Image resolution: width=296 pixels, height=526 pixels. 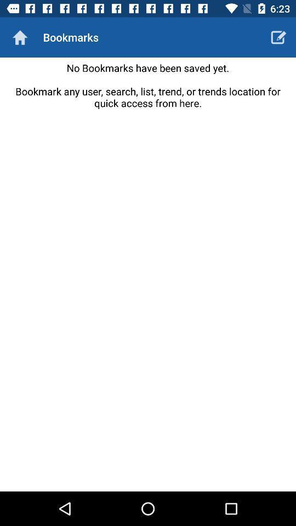 What do you see at coordinates (278, 37) in the screenshot?
I see `item at the top right corner` at bounding box center [278, 37].